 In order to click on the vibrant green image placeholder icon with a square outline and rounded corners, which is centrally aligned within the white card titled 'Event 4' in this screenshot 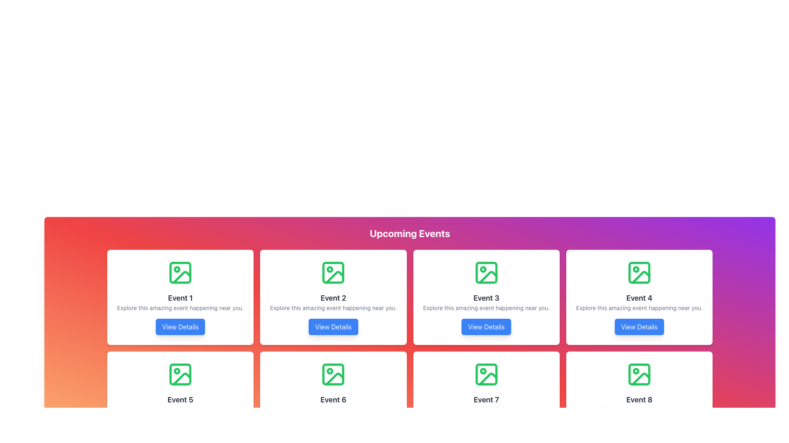, I will do `click(639, 272)`.